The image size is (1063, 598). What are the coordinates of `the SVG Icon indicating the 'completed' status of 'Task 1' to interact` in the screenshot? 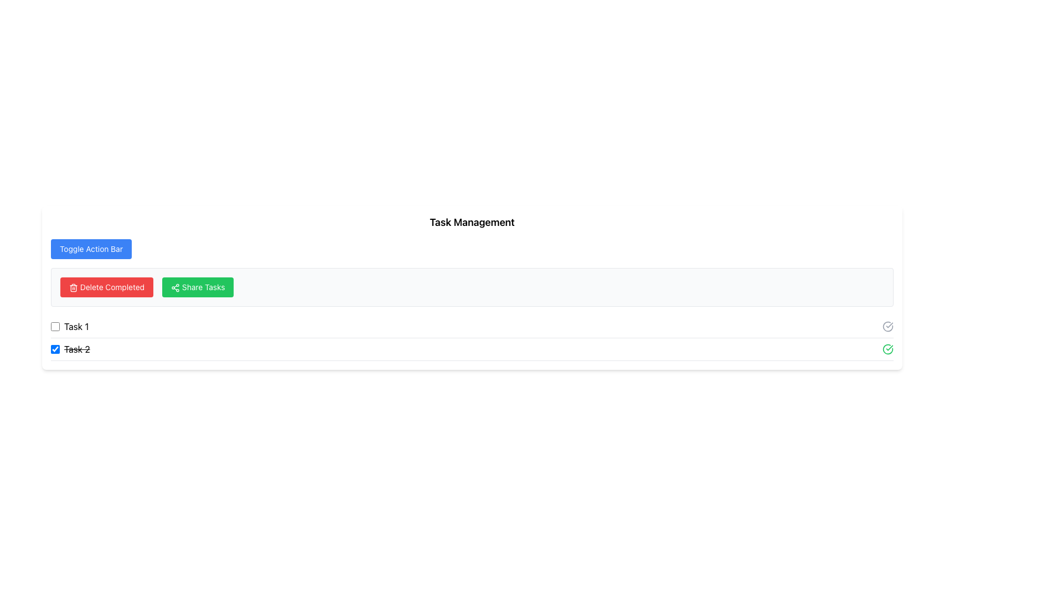 It's located at (887, 326).